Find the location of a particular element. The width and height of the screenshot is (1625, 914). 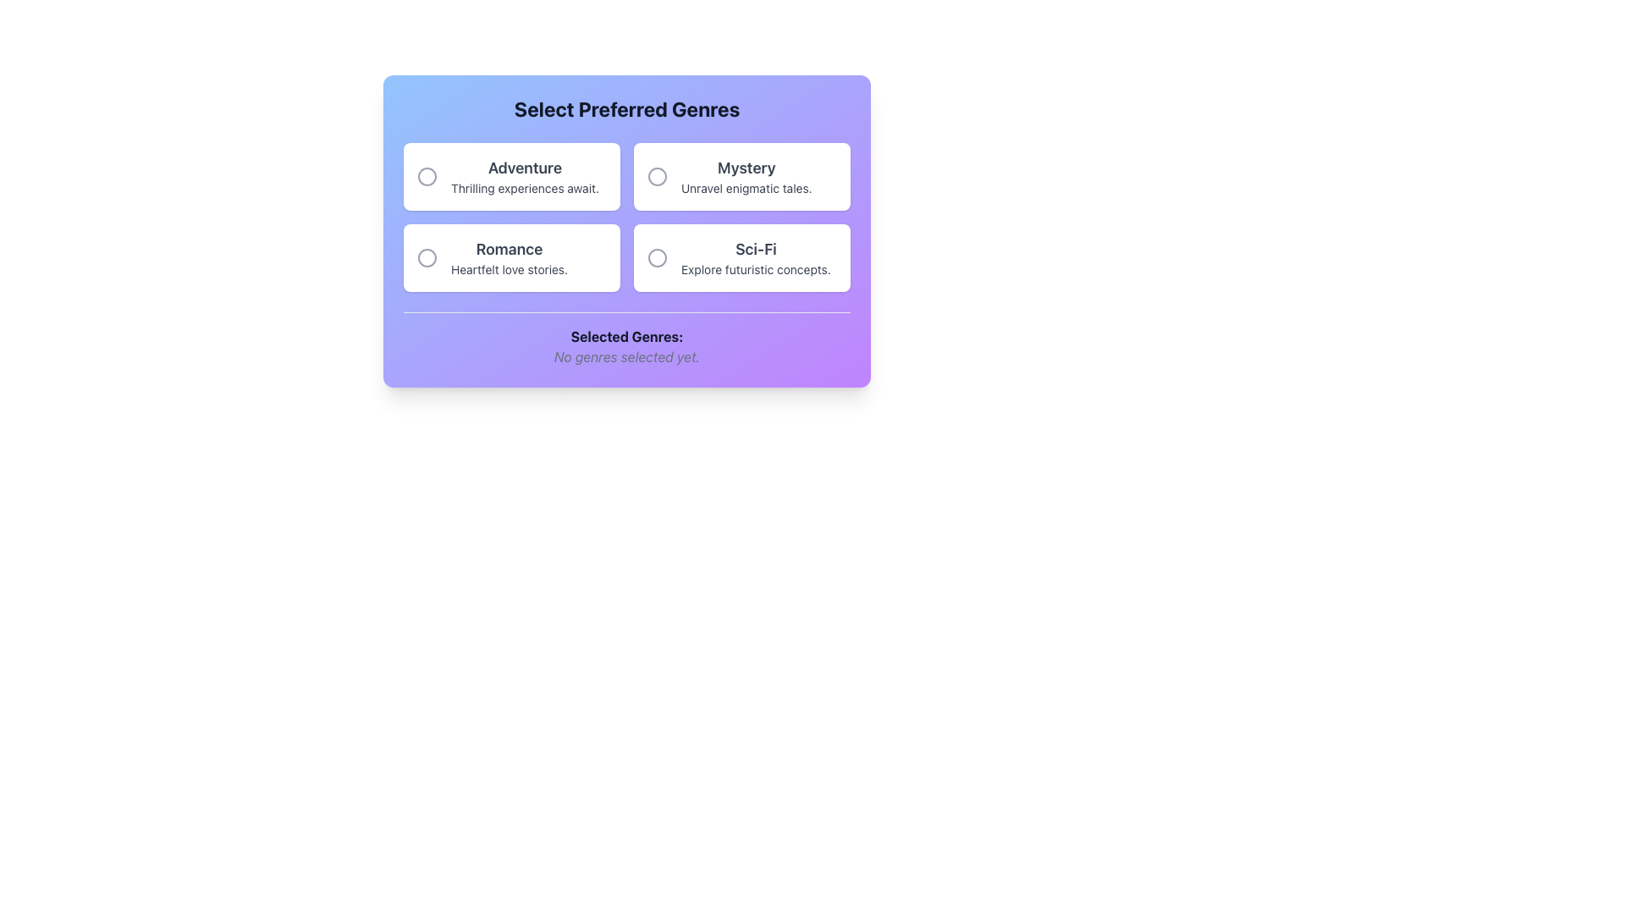

the text label displaying 'Mystery', which is styled in bold and larger font, located in the top-right section of the genre selection interface next to its corresponding radio button is located at coordinates (746, 168).